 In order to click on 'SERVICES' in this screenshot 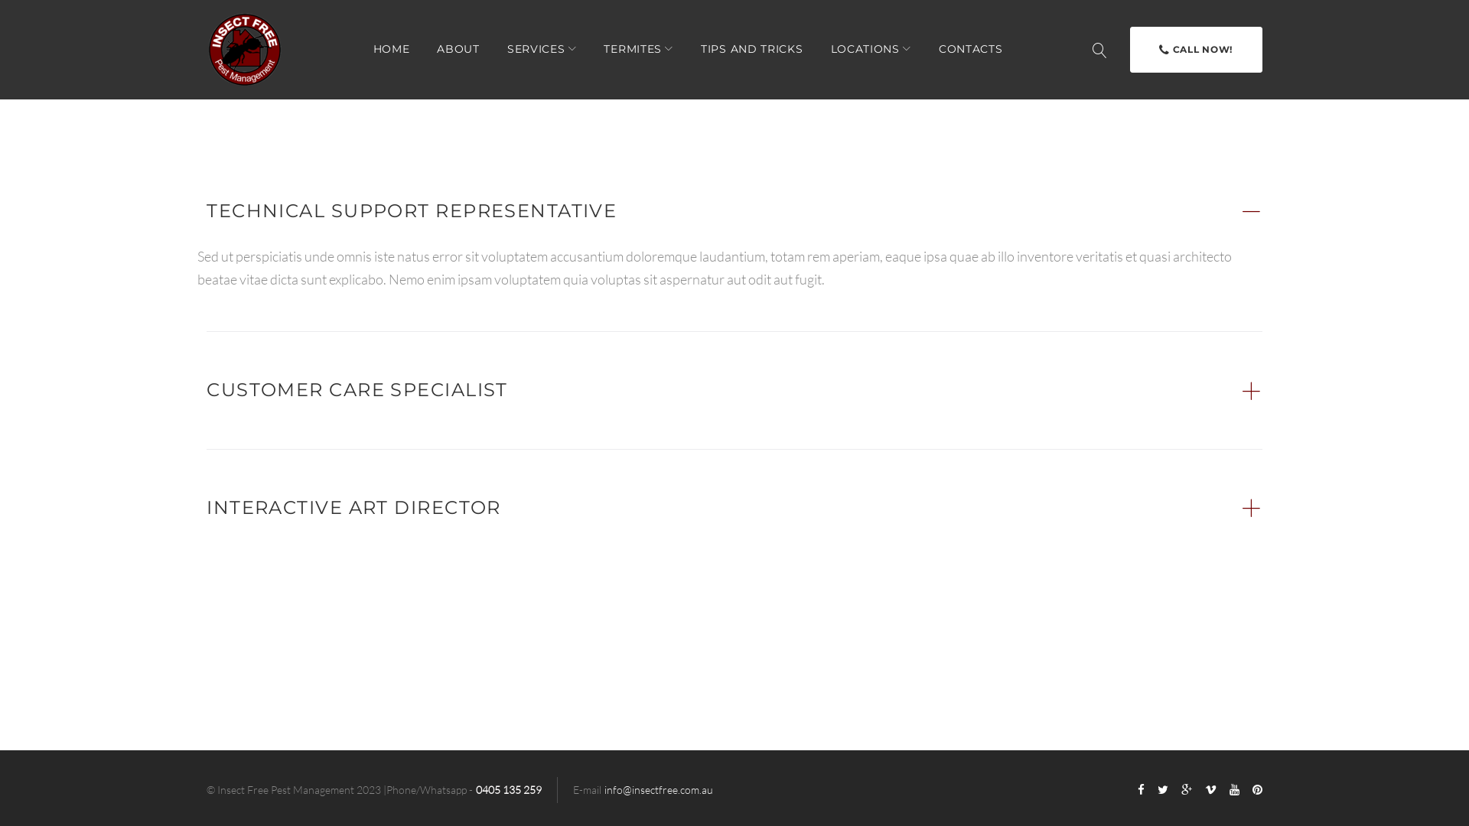, I will do `click(542, 48)`.